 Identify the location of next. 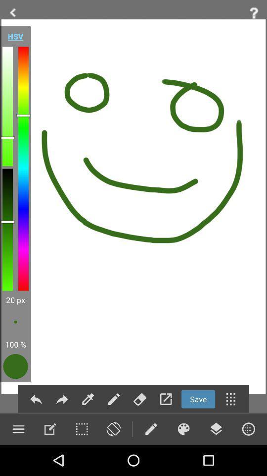
(62, 399).